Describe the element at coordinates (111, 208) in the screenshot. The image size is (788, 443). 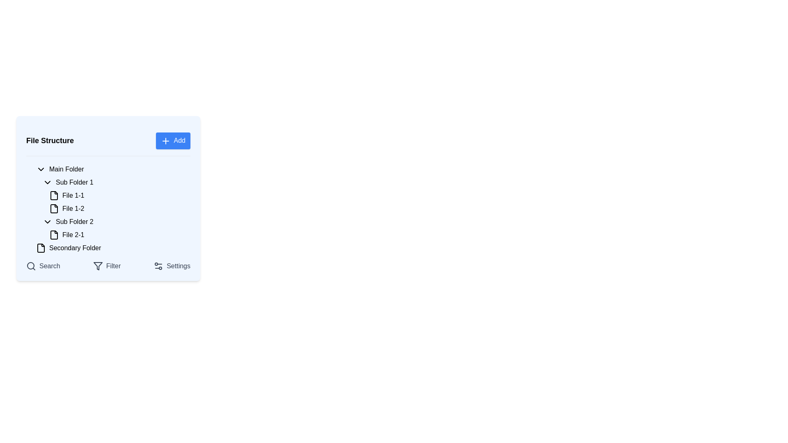
I see `the item labeled 'Sub Folder 1File 1-1File 1-2Sub Folder 2File 2-1' within the tree view component` at that location.